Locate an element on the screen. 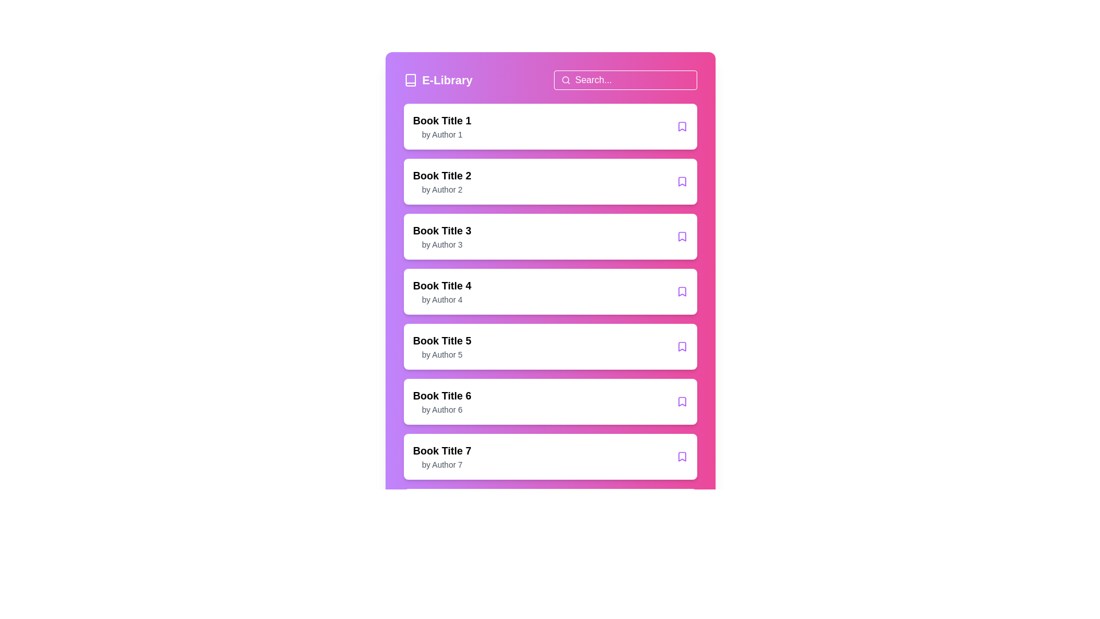 The height and width of the screenshot is (619, 1100). the SVG bookmark icon located at the bottom right corner of the 'Book Title 7 by Author 7' card is located at coordinates (682, 456).